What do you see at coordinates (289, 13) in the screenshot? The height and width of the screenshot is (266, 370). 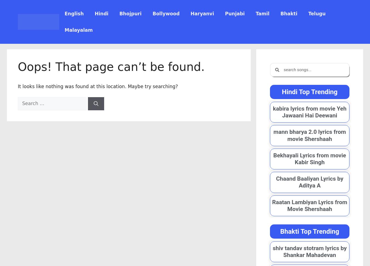 I see `'Bhakti'` at bounding box center [289, 13].